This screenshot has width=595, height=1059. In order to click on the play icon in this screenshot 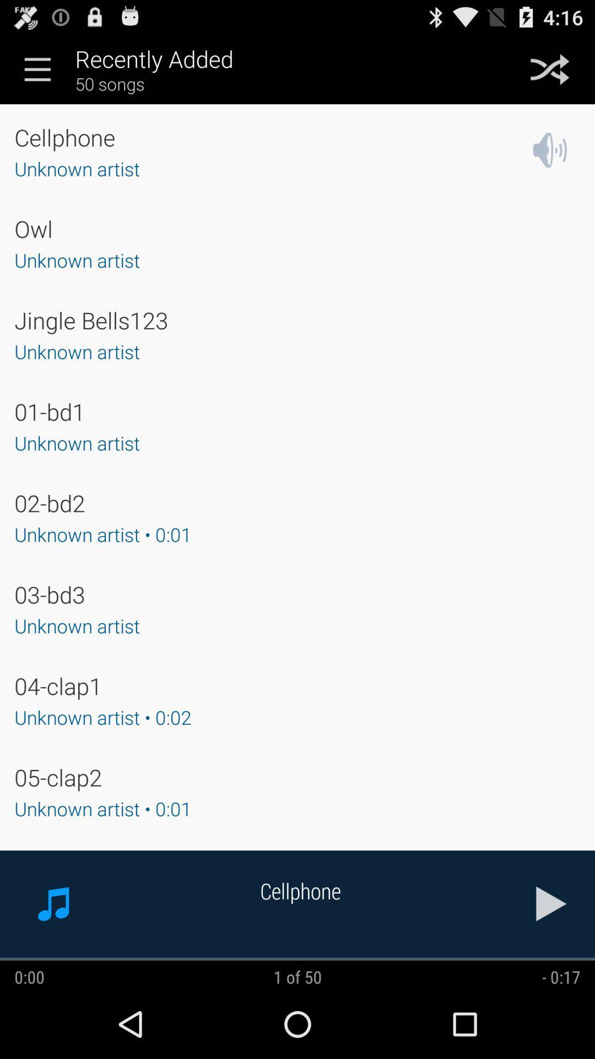, I will do `click(551, 966)`.